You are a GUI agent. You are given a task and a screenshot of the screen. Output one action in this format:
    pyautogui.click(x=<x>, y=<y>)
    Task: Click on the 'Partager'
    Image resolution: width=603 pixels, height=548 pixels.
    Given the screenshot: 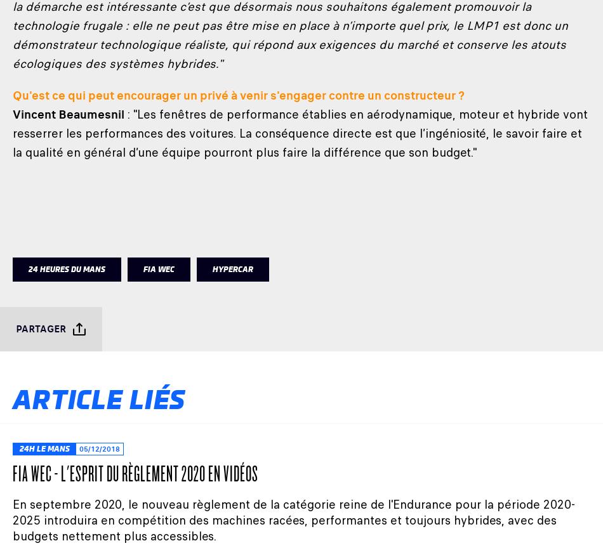 What is the action you would take?
    pyautogui.click(x=41, y=329)
    